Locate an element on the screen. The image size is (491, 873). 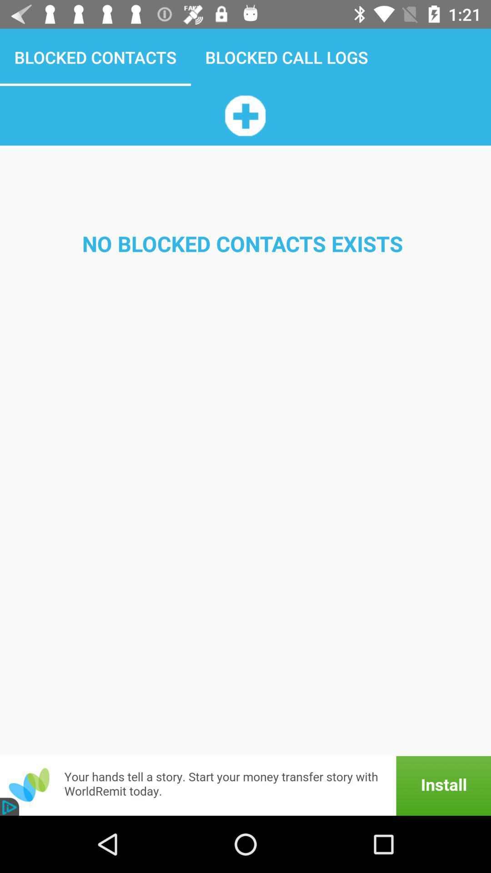
contacts name list is located at coordinates (245, 115).